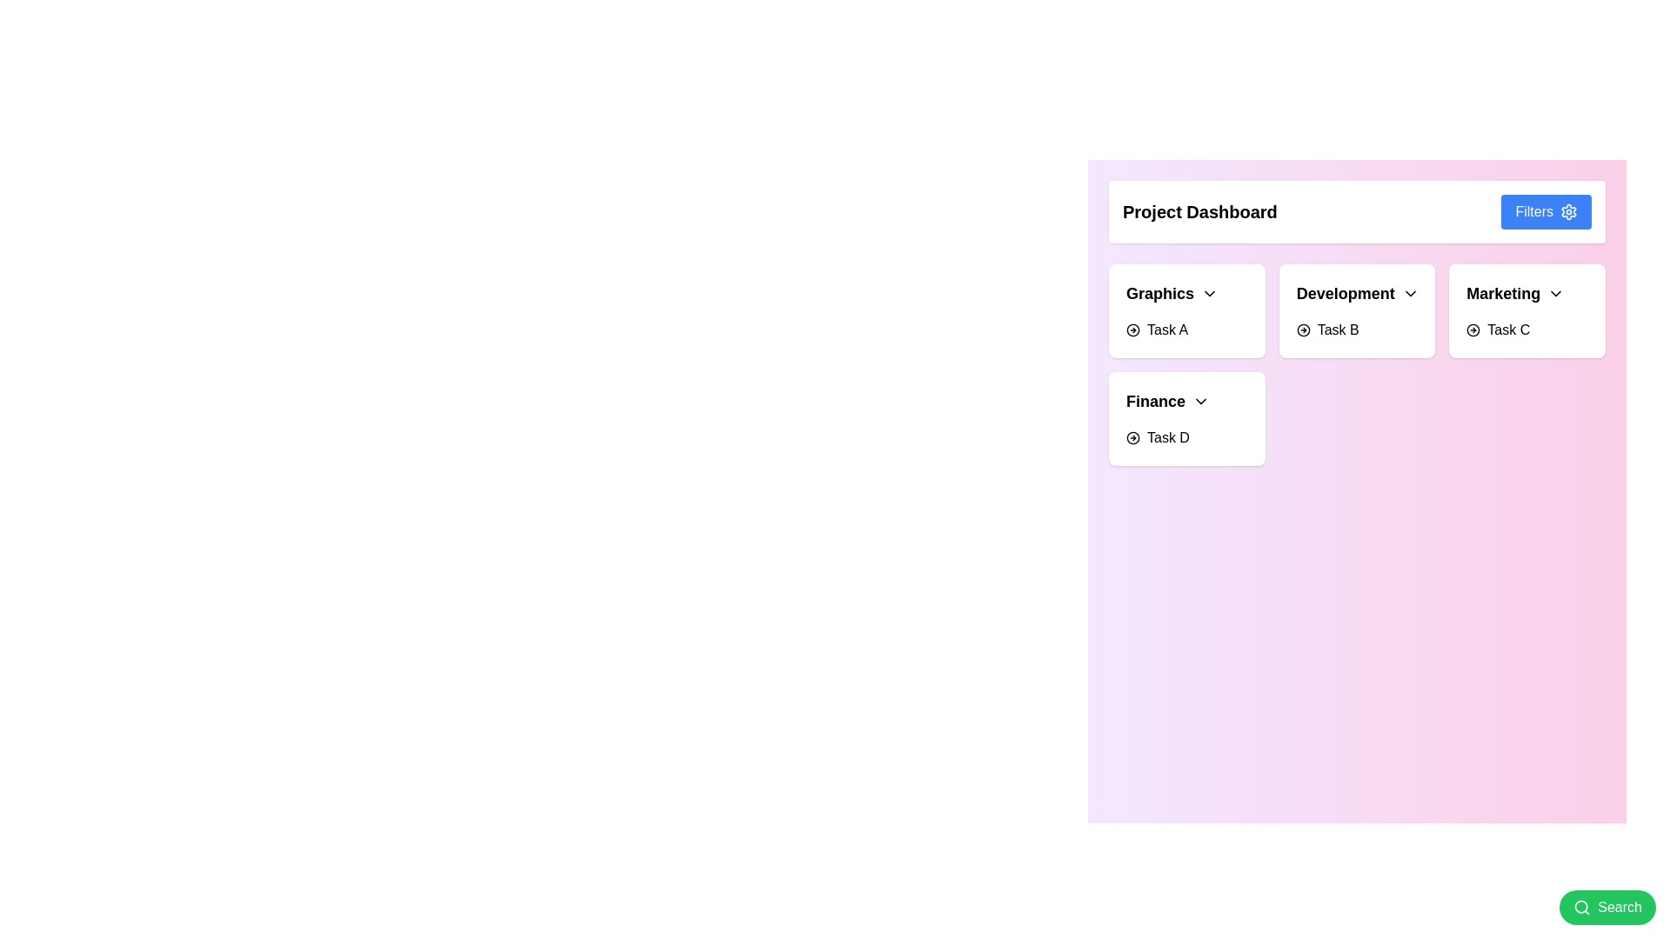 This screenshot has width=1670, height=939. Describe the element at coordinates (1326, 330) in the screenshot. I see `the circular icon with a right-facing arrow that precedes the text label 'Task B' in the 'Development' section` at that location.